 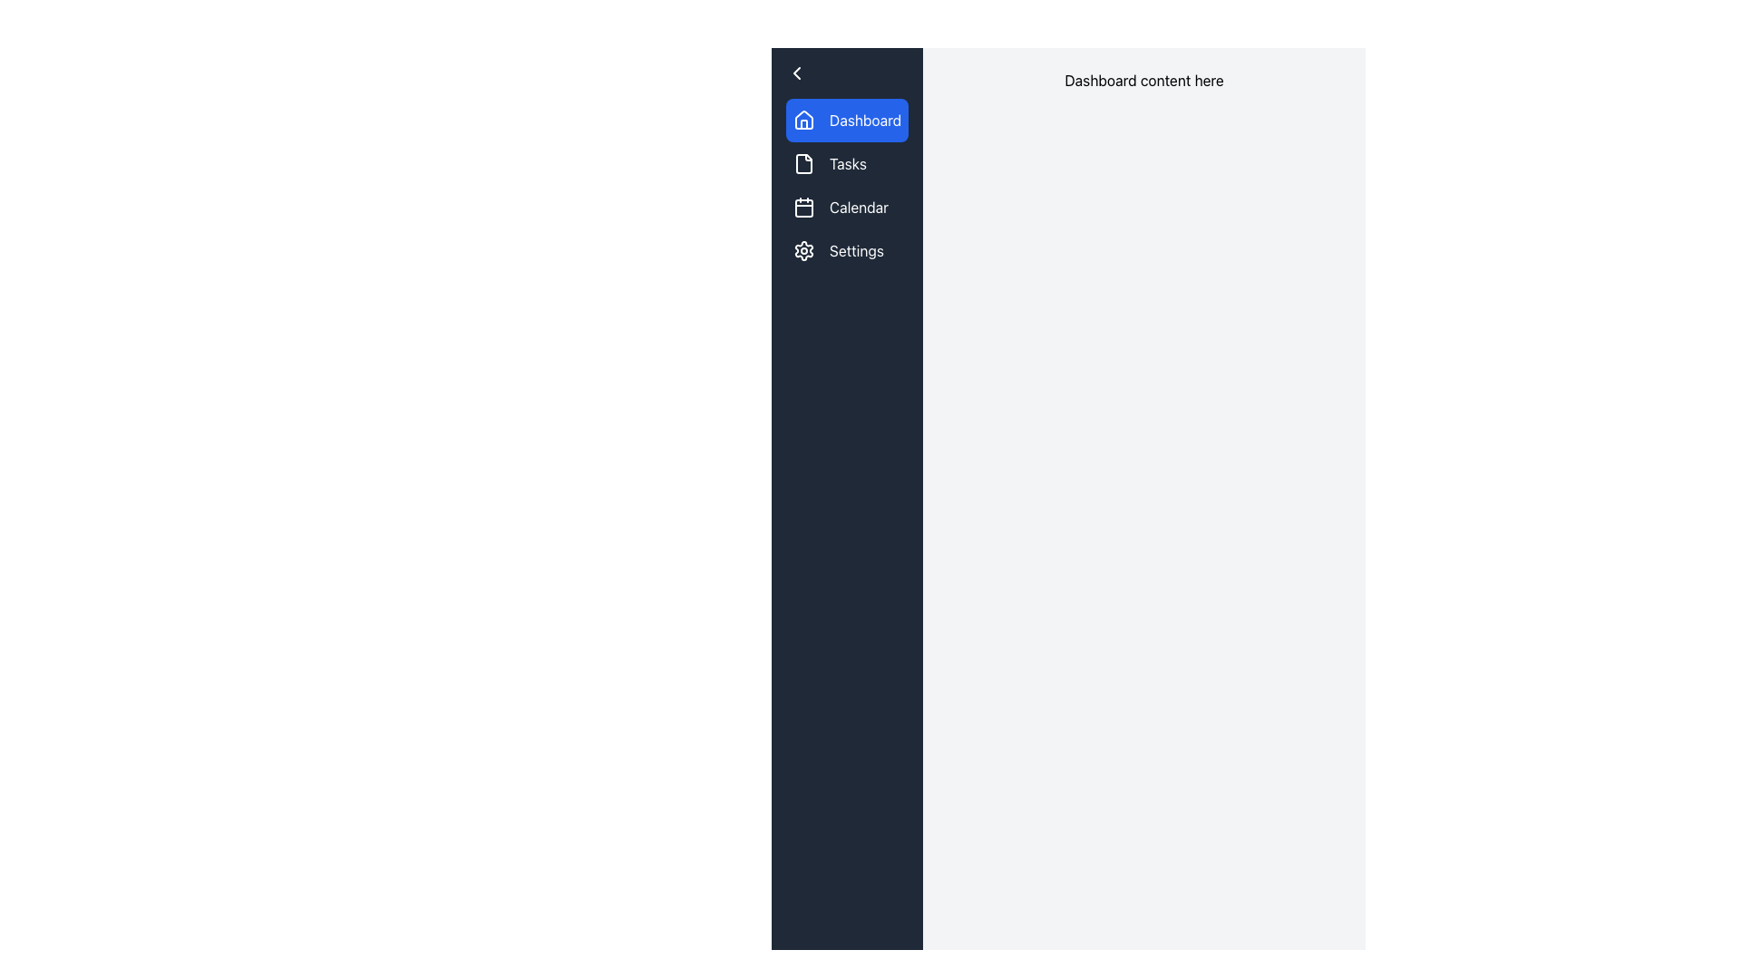 I want to click on the text label displaying 'Tasks', so click(x=847, y=164).